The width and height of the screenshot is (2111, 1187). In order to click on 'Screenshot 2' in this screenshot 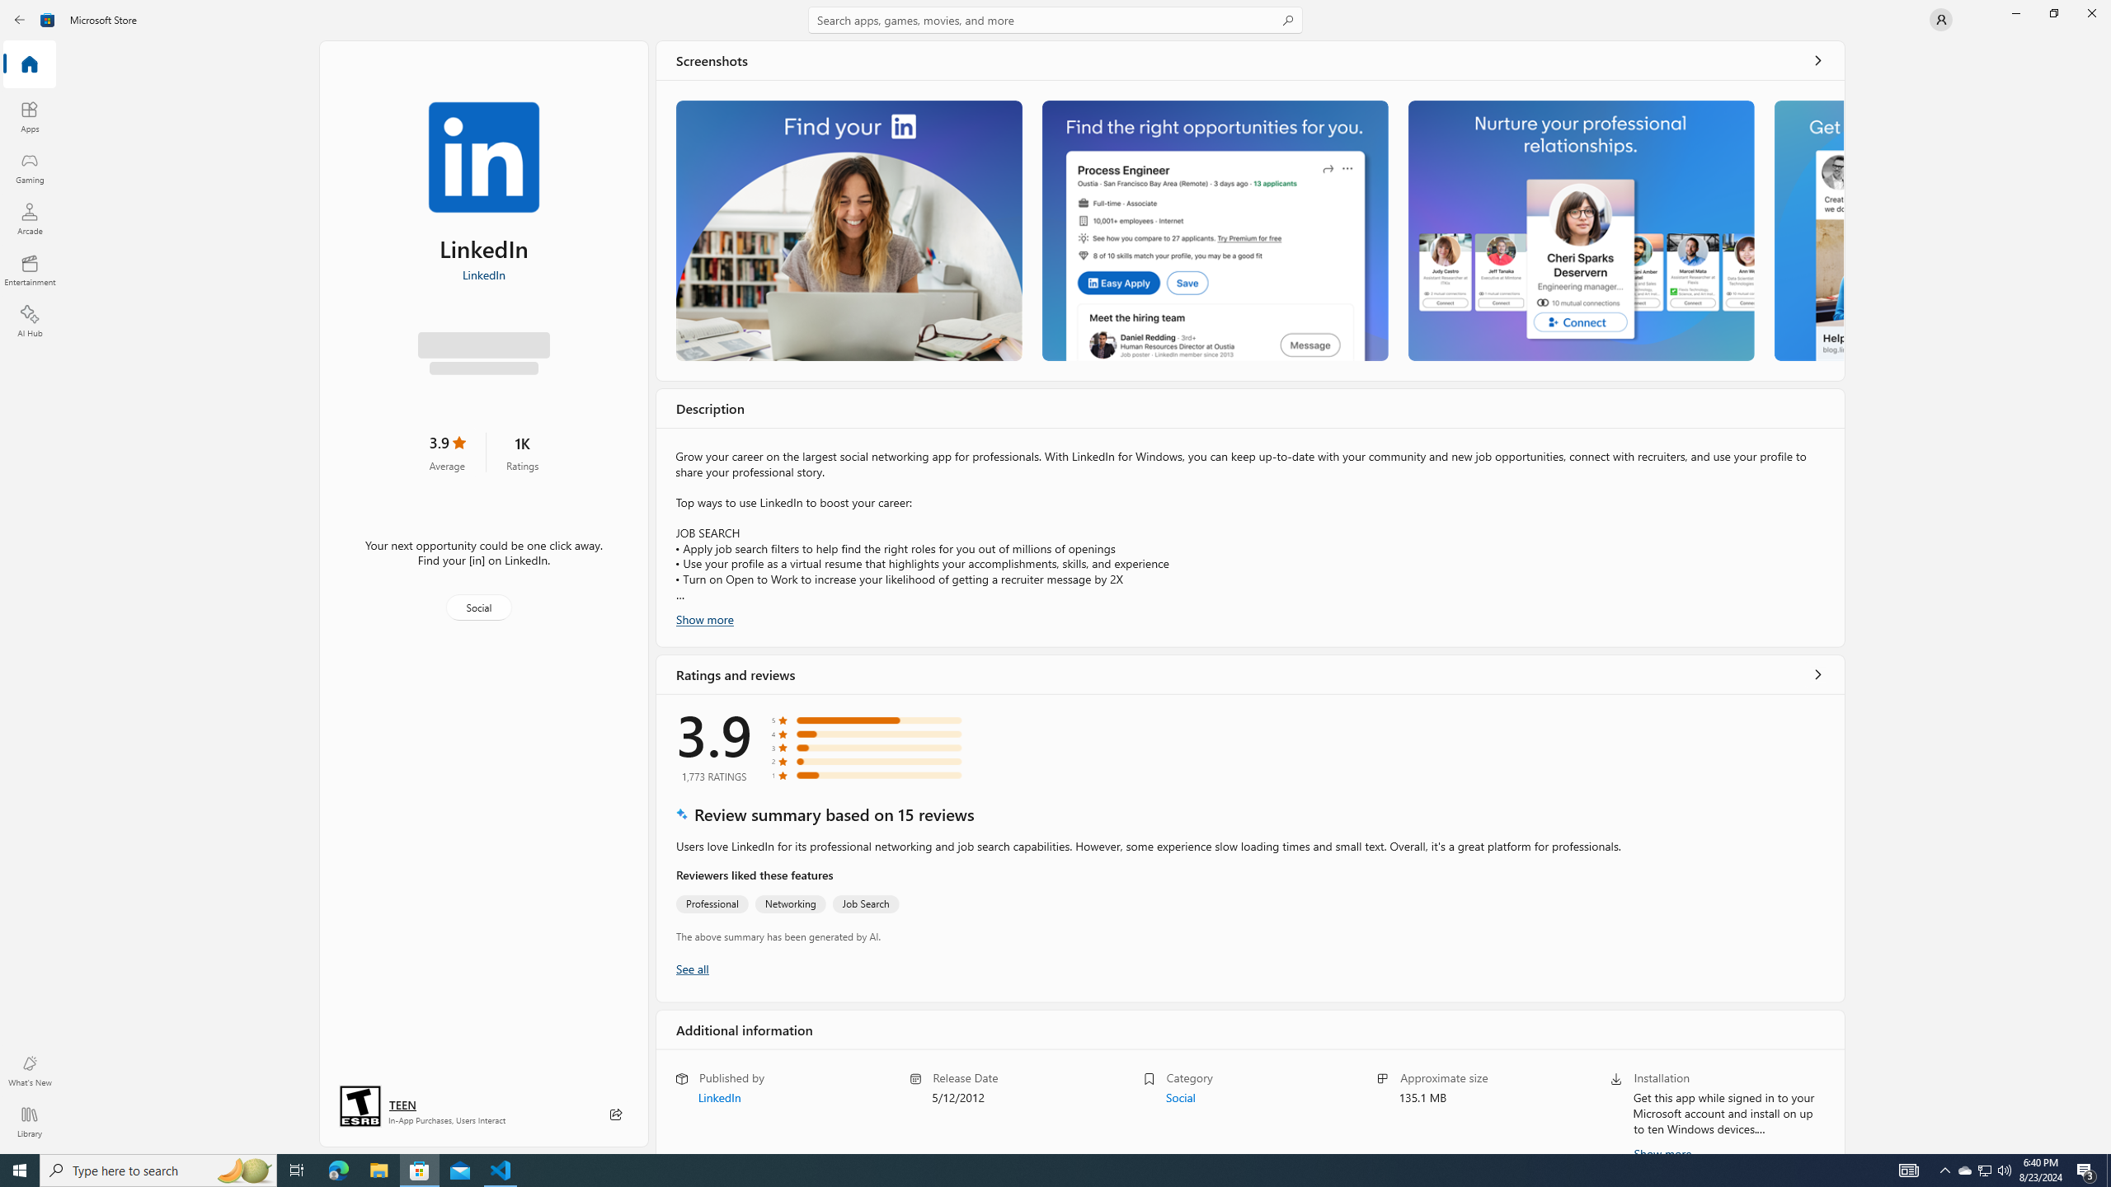, I will do `click(1213, 230)`.